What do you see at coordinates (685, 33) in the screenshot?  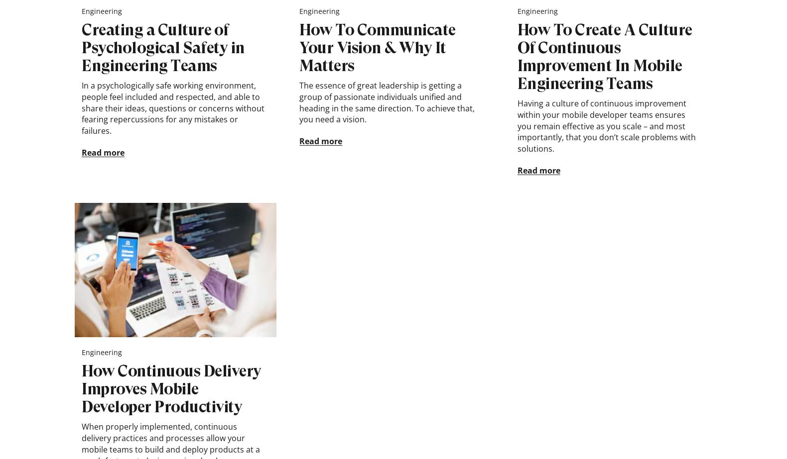 I see `'of pages tested'` at bounding box center [685, 33].